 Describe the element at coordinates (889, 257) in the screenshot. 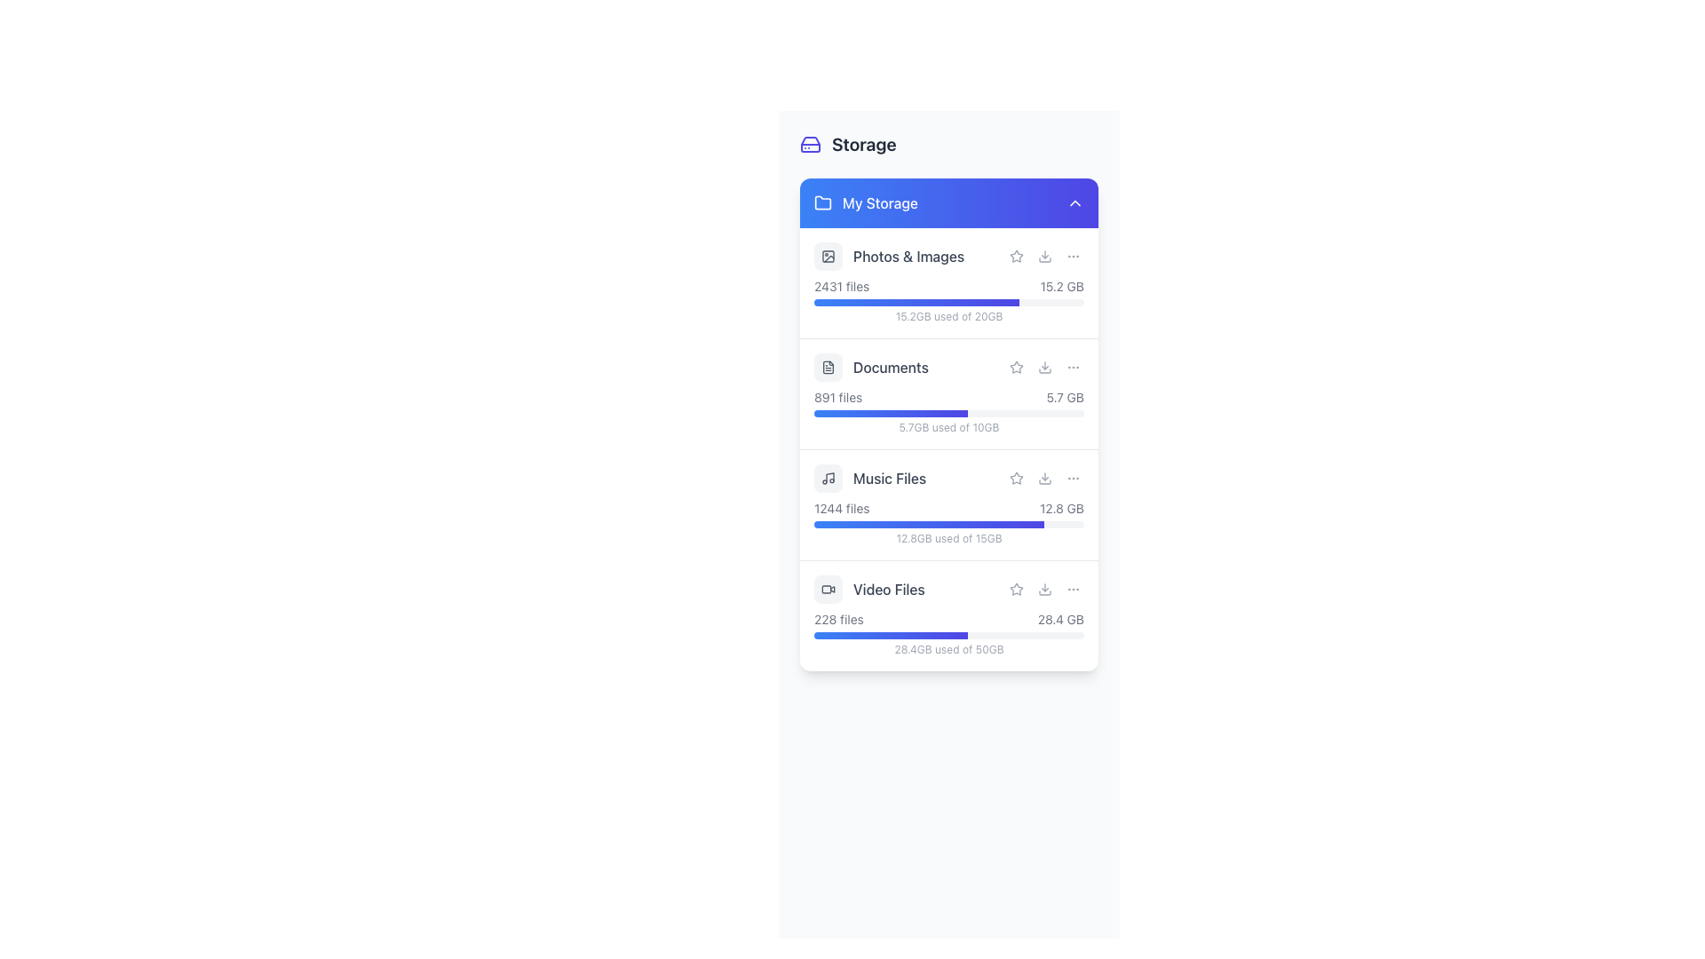

I see `the category label for photos and images located under the 'My Storage' section` at that location.